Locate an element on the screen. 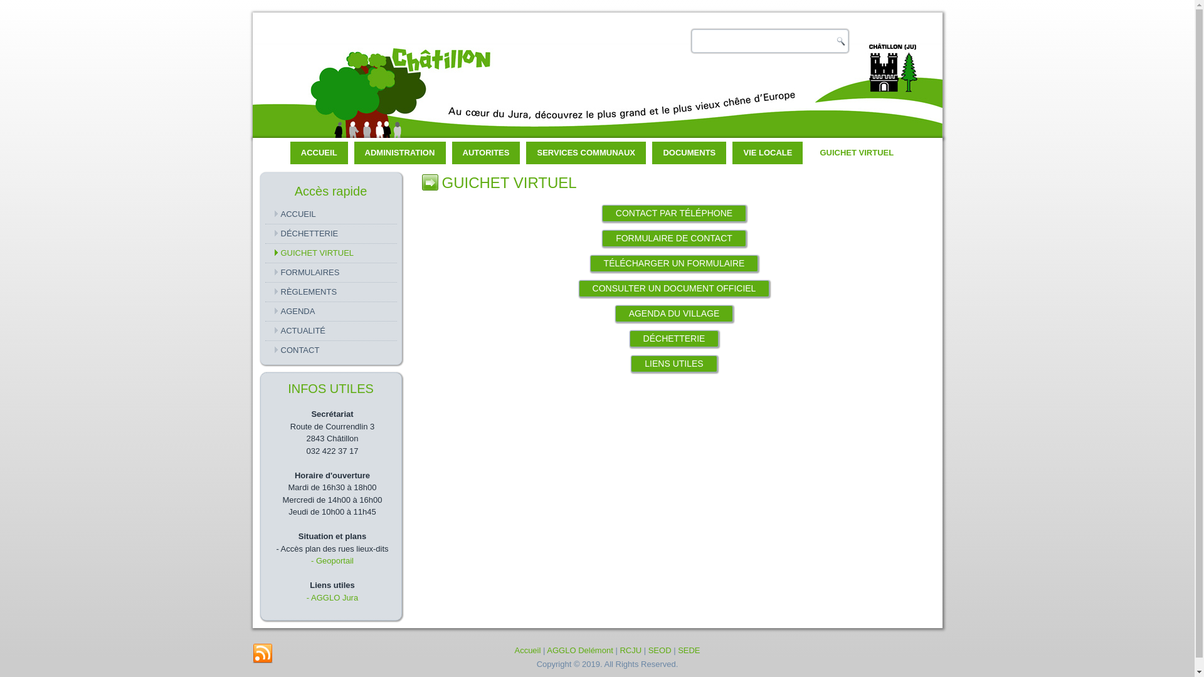 This screenshot has width=1204, height=677. 'ACCUEIL' is located at coordinates (264, 214).